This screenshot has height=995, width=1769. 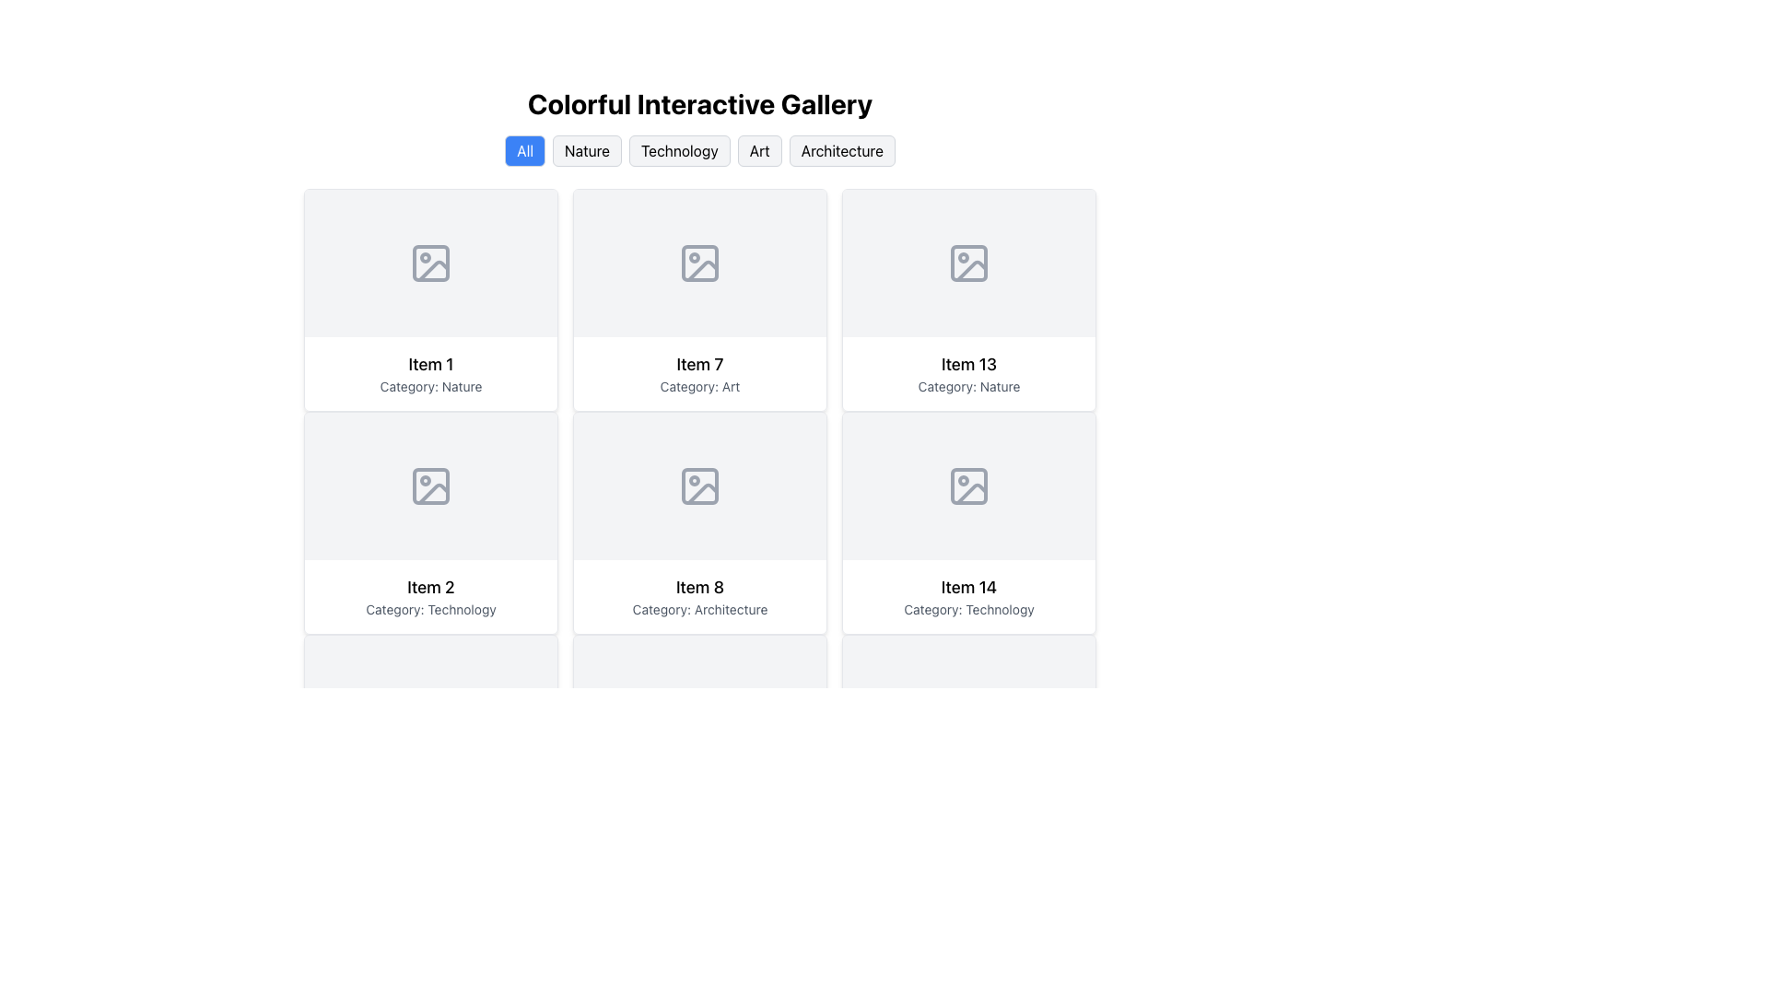 I want to click on the placeholder icon representing an image located in the fourth panel of the grid layout, which is above the text 'Item 14' and 'Category: Technology', so click(x=967, y=486).